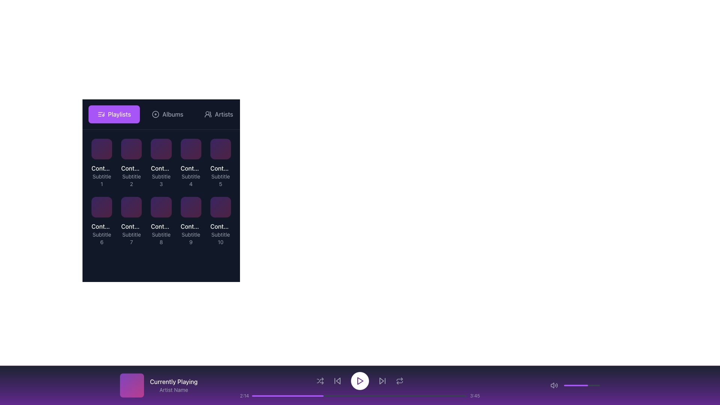  What do you see at coordinates (101, 176) in the screenshot?
I see `the Text display block located in the top-left section of the grid-like list, which is the first item in the list` at bounding box center [101, 176].